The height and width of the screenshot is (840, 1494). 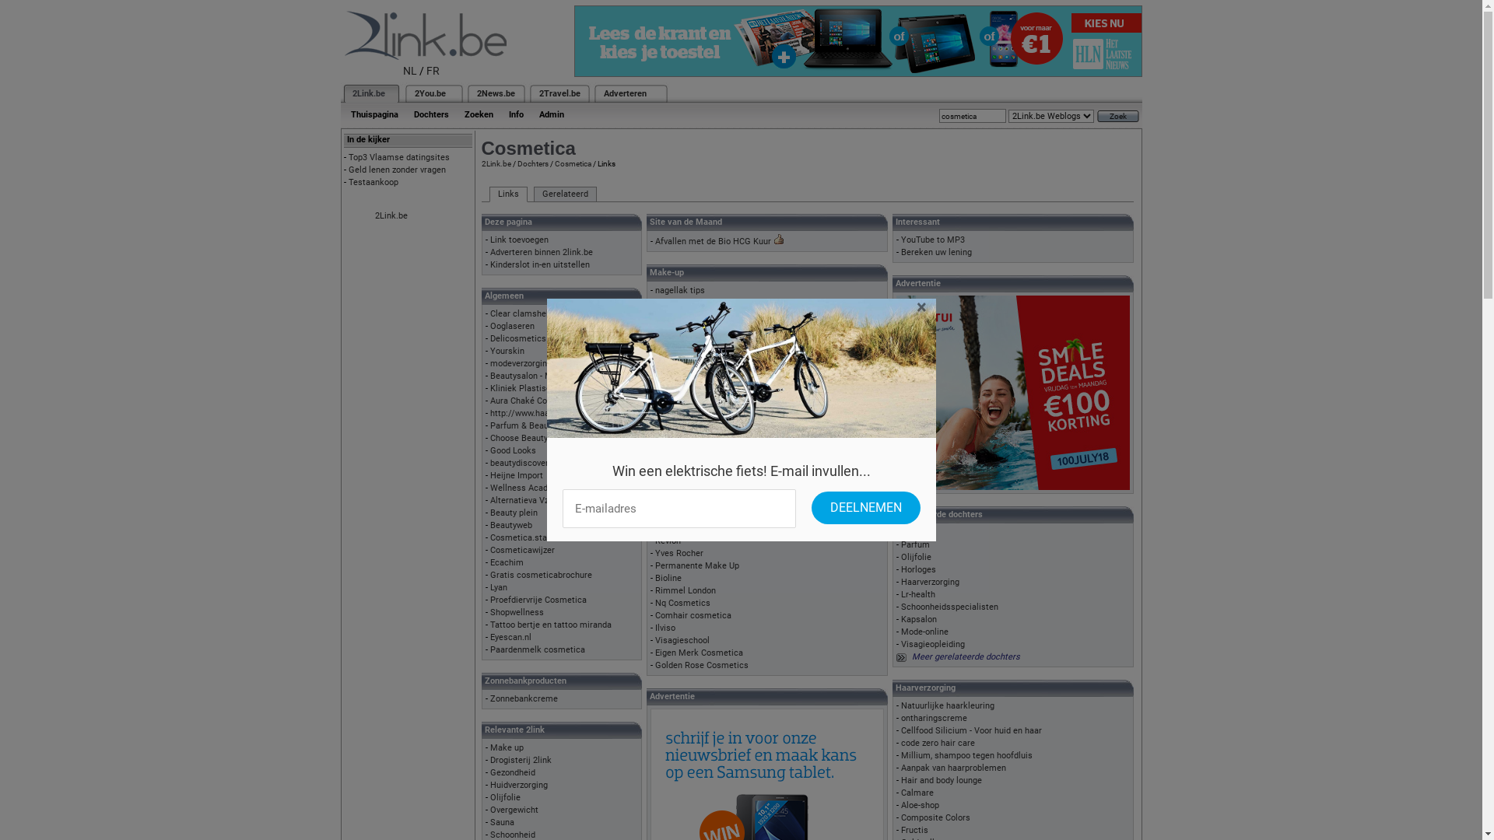 I want to click on 'Huidverzorging', so click(x=519, y=785).